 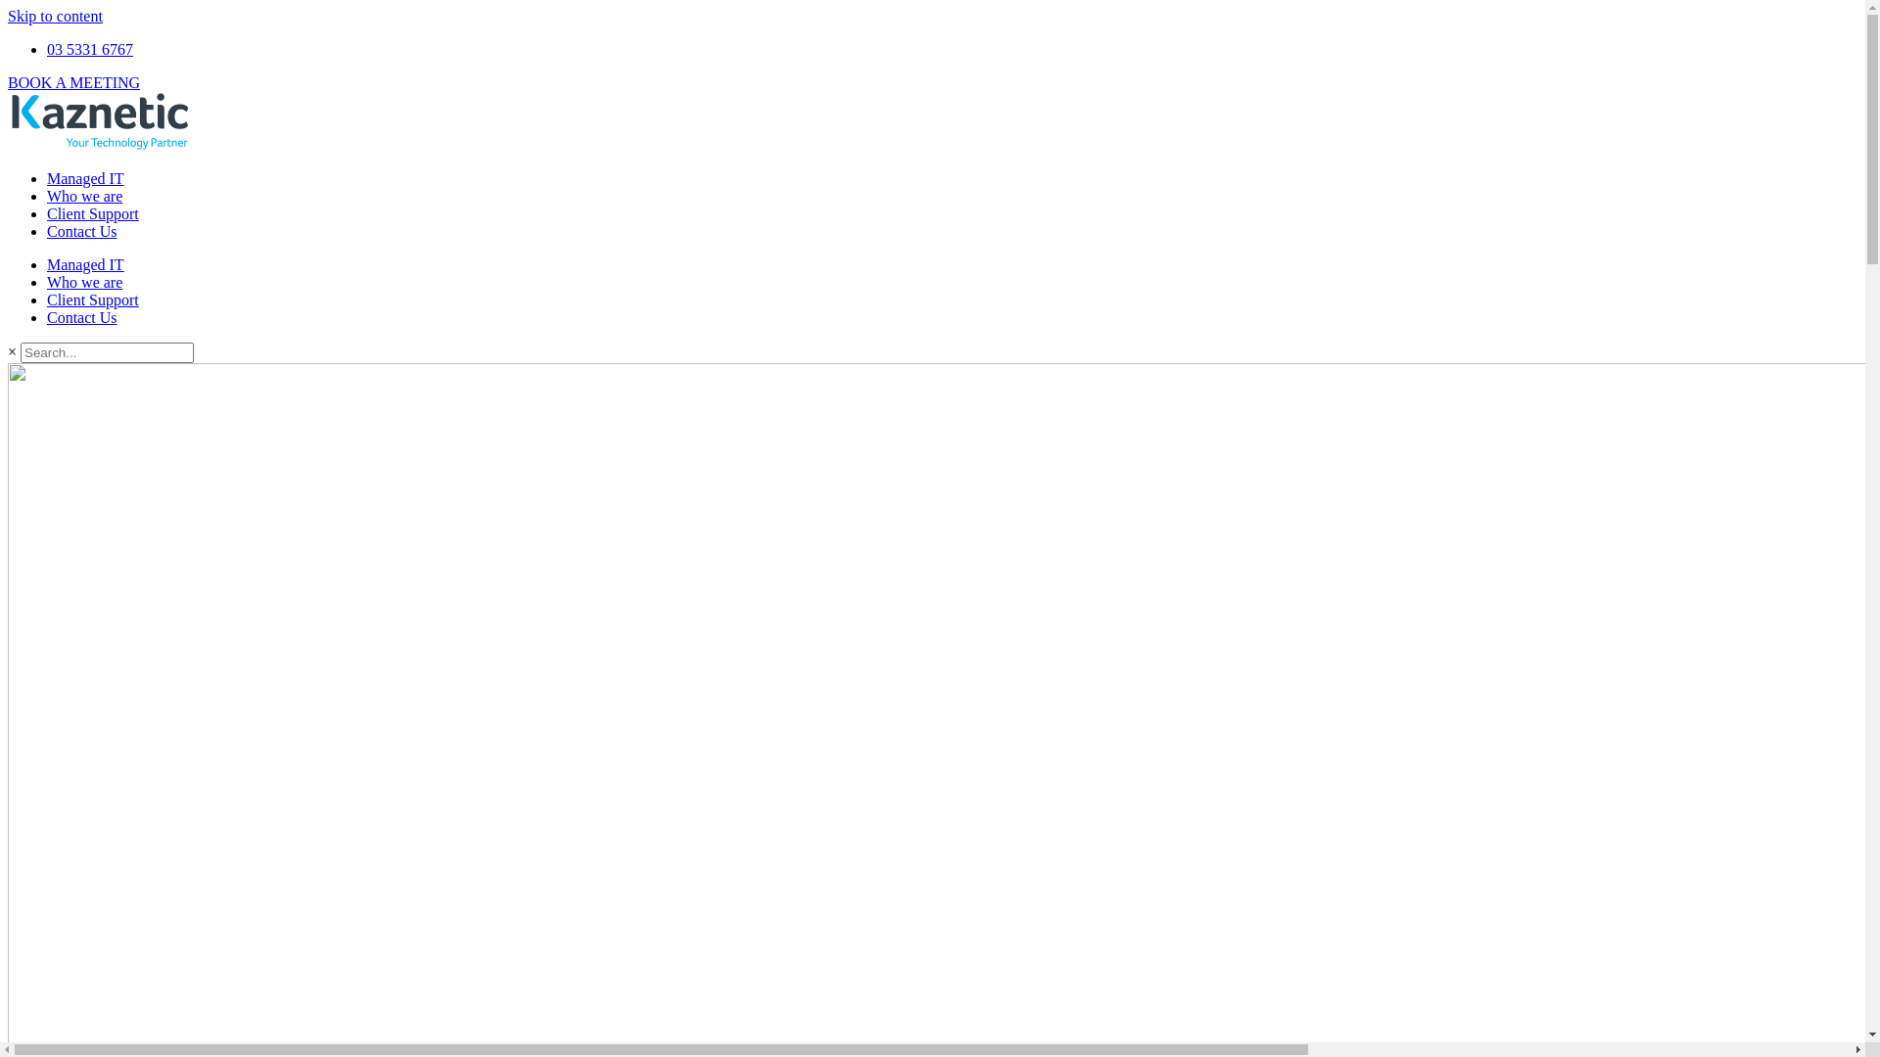 I want to click on 'Managed IT', so click(x=84, y=178).